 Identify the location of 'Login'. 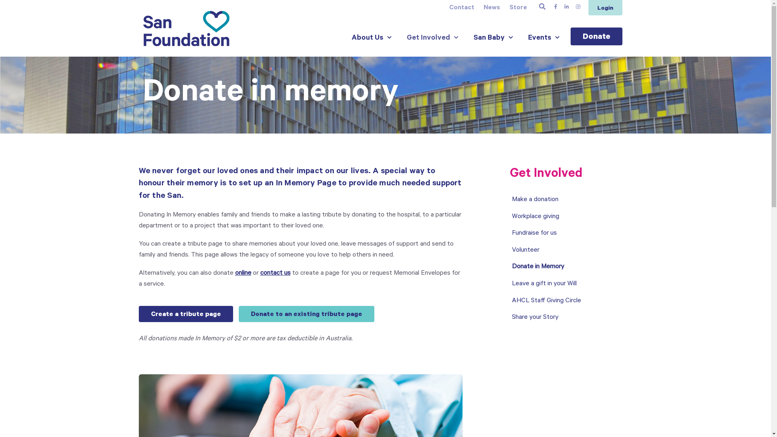
(605, 8).